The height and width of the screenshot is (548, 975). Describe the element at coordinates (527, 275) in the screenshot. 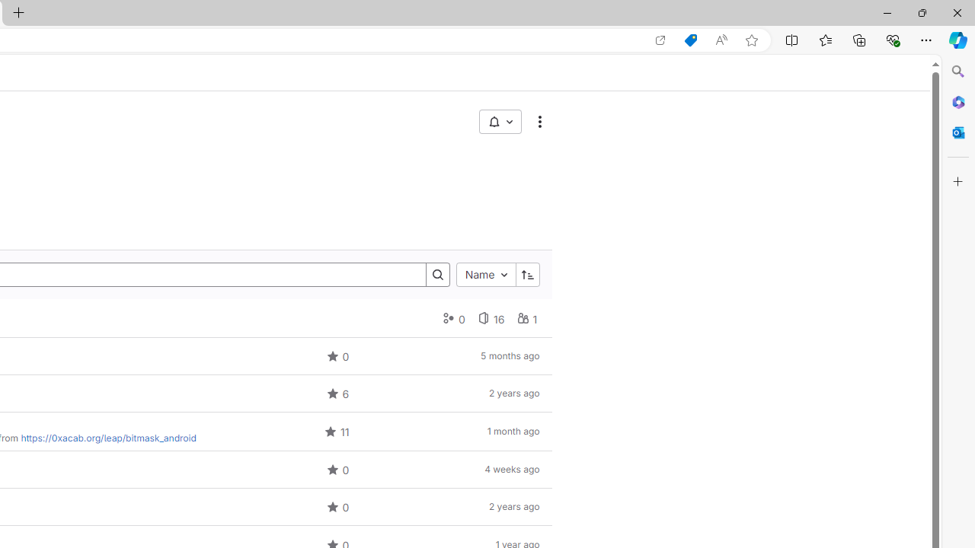

I see `'Sort direction: Ascending'` at that location.